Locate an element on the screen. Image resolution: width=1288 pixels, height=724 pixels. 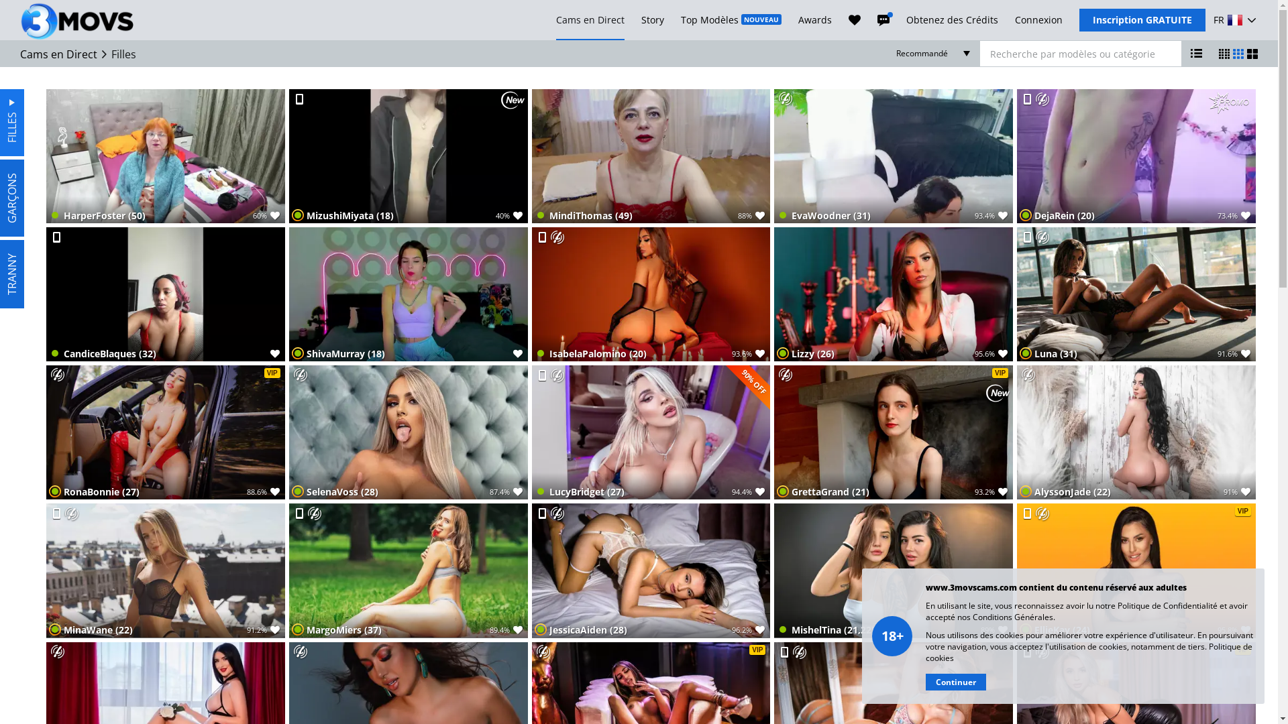
'Lizzy (26) is located at coordinates (894, 294).